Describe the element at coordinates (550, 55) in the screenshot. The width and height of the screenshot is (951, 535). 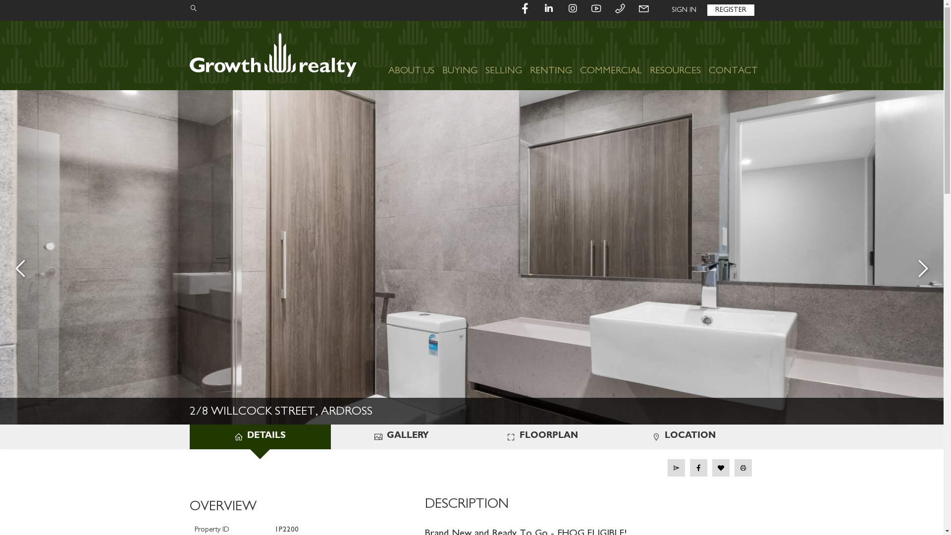
I see `'RENTING'` at that location.